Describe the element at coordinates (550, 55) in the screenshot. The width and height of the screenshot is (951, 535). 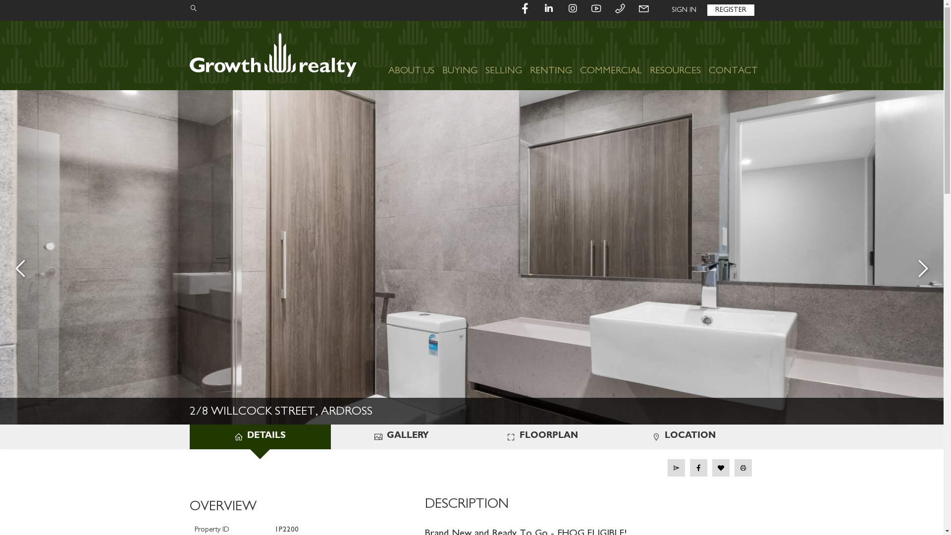
I see `'RENTING'` at that location.